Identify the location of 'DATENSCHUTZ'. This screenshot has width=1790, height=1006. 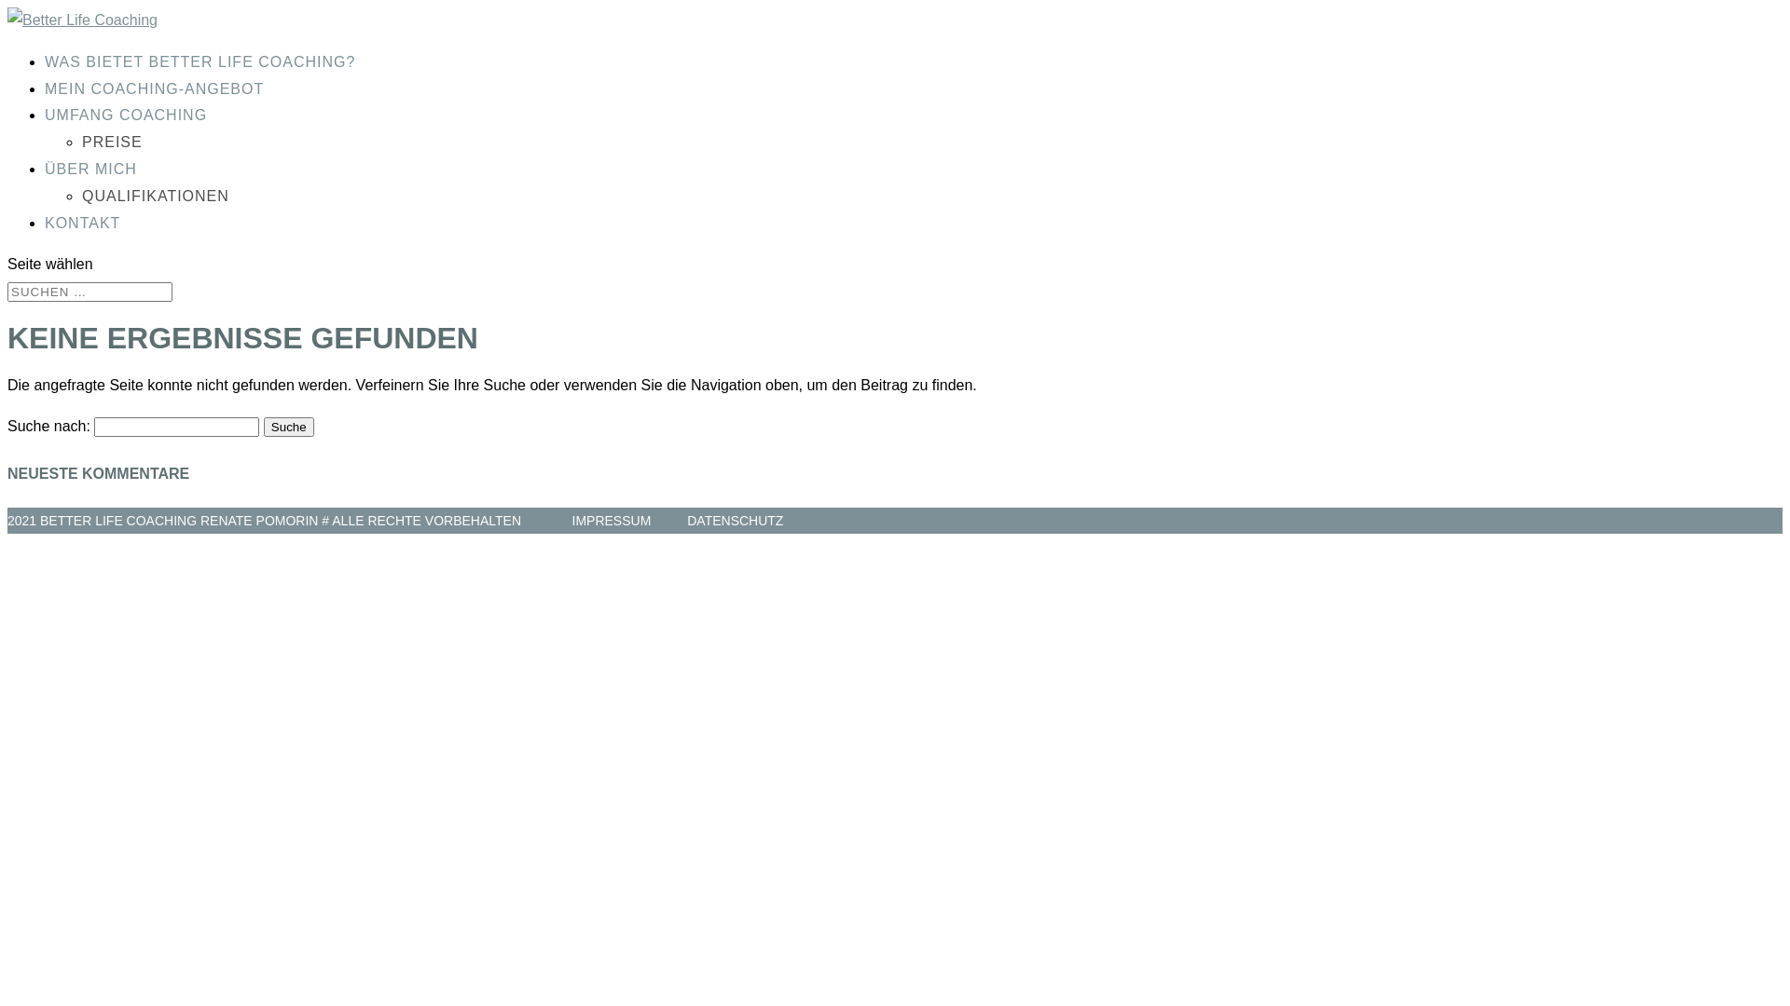
(734, 521).